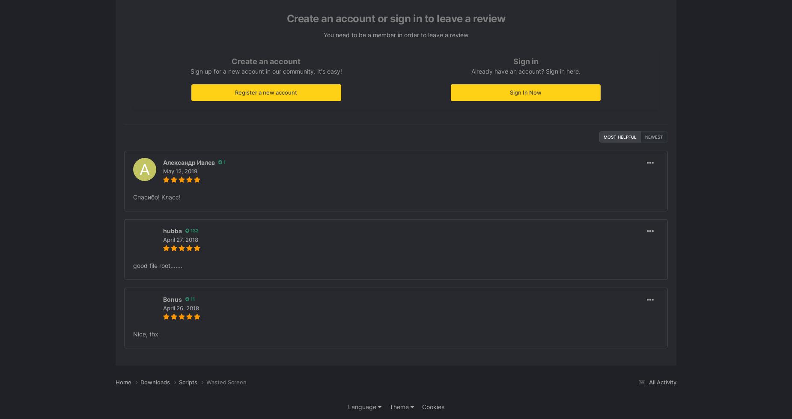  What do you see at coordinates (399, 406) in the screenshot?
I see `'Theme'` at bounding box center [399, 406].